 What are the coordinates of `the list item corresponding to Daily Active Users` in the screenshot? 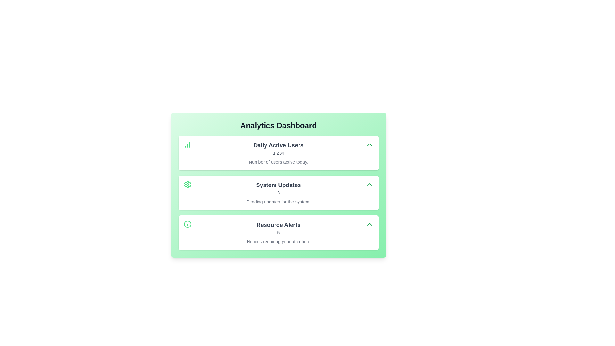 It's located at (278, 153).